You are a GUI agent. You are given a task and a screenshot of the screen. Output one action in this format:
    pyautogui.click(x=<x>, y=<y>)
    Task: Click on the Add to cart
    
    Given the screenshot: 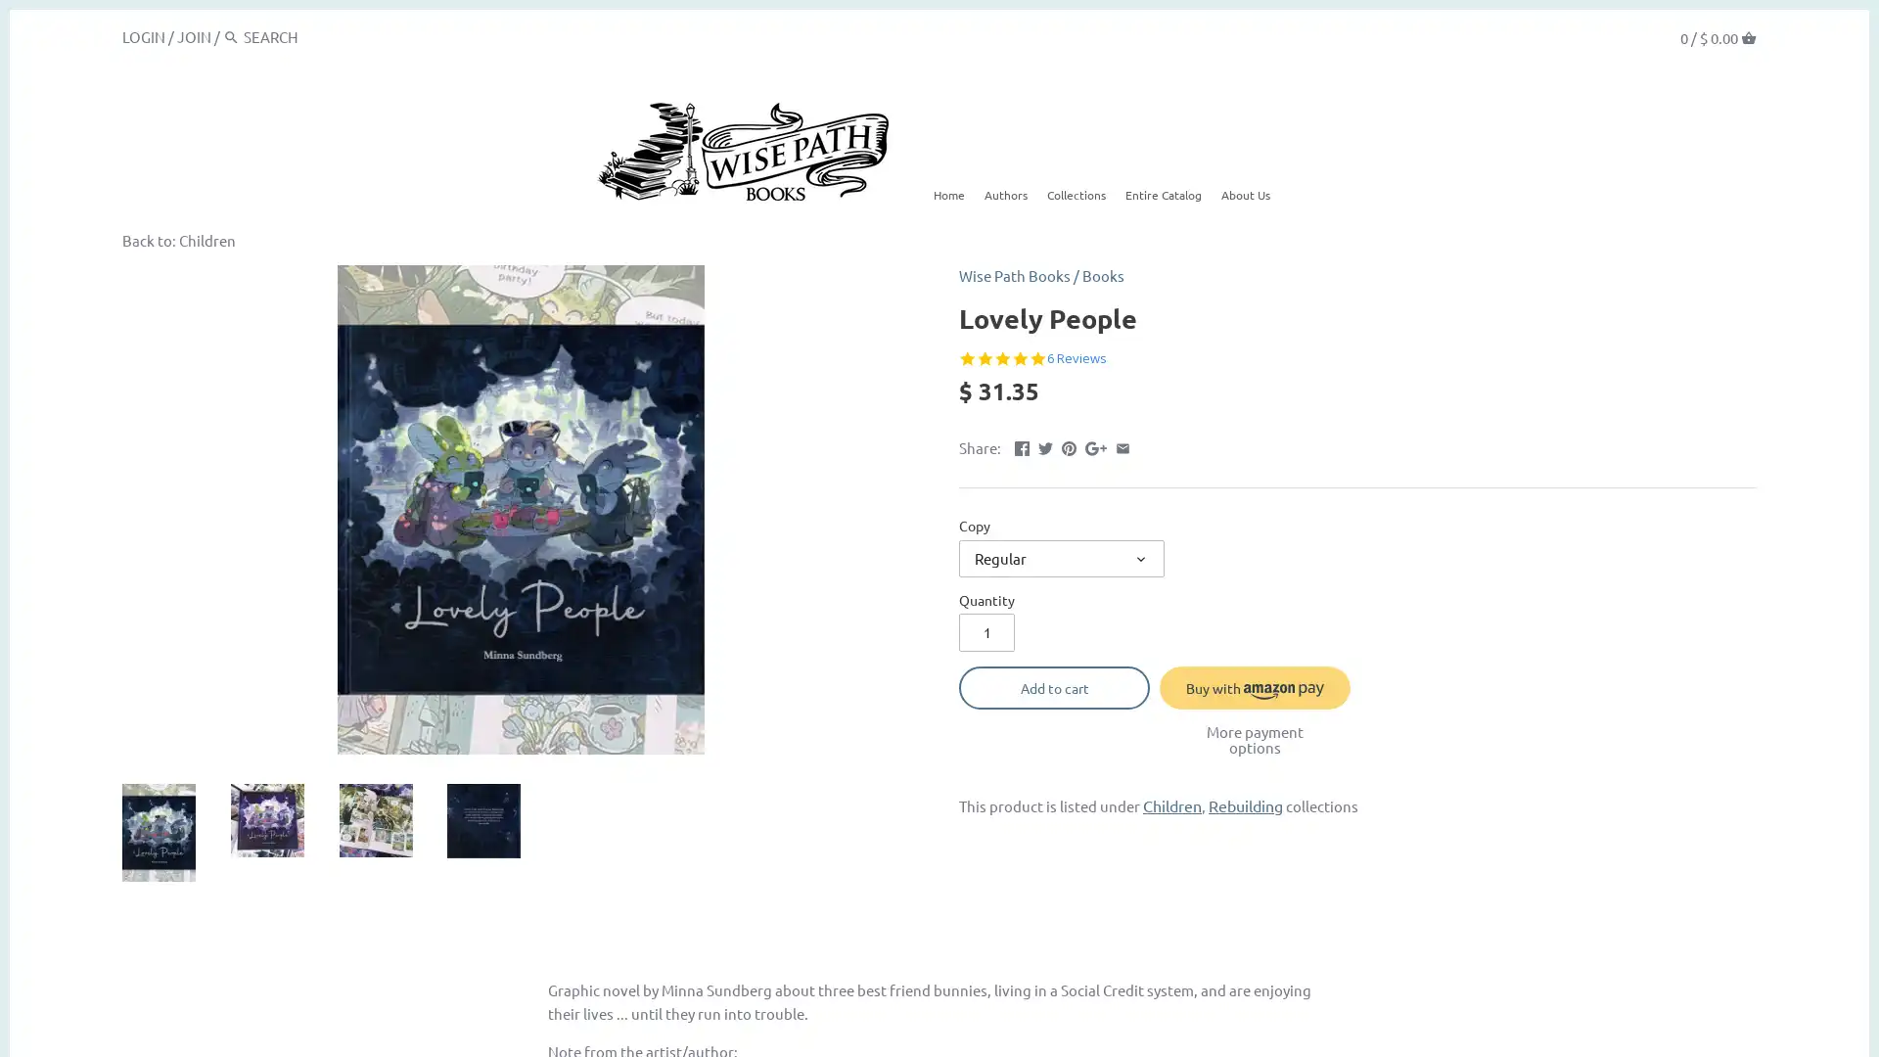 What is the action you would take?
    pyautogui.click(x=1053, y=686)
    